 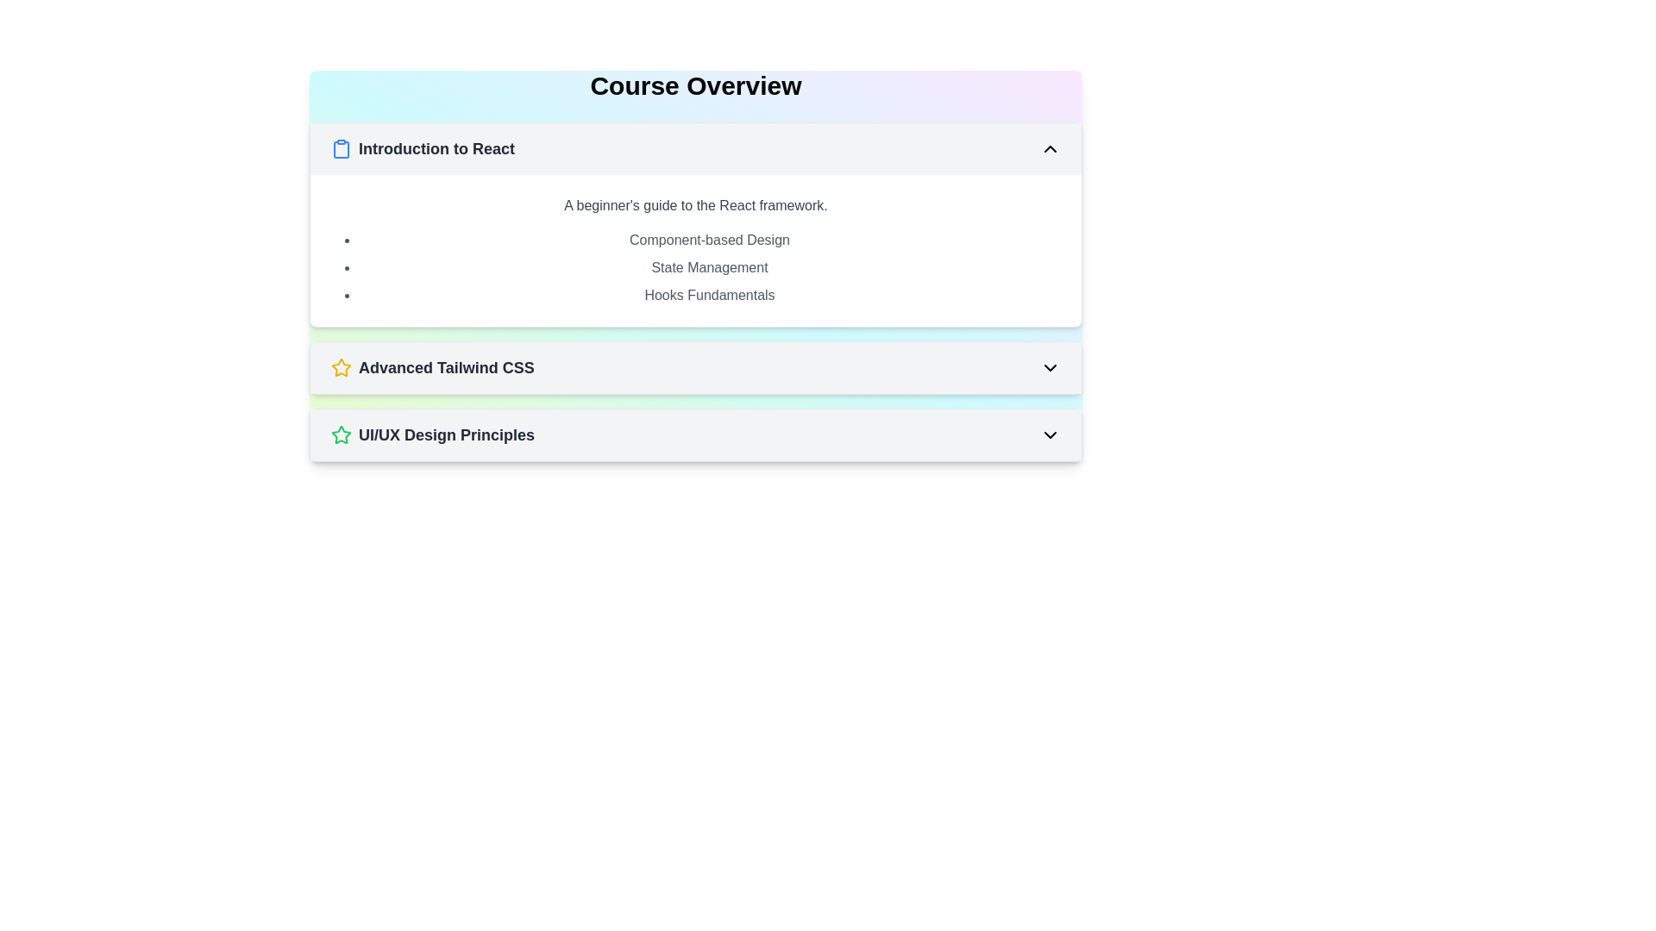 What do you see at coordinates (341, 366) in the screenshot?
I see `the icon that visually indicates the entry 'UI/UX Design Principles' in the list, positioned next to the text` at bounding box center [341, 366].